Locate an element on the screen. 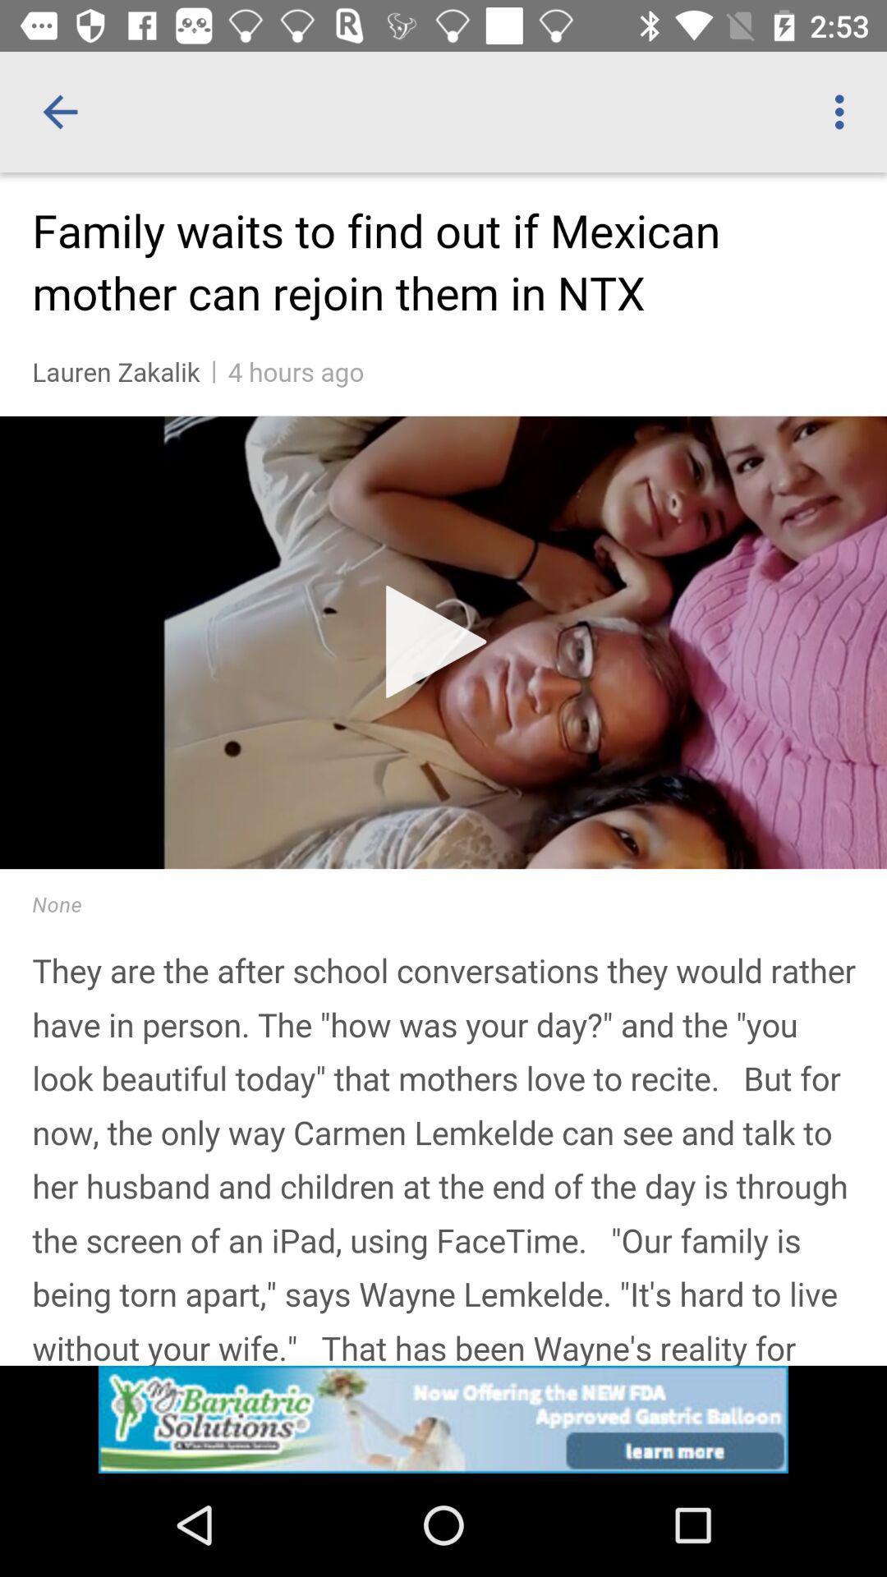  read a news is located at coordinates (443, 823).